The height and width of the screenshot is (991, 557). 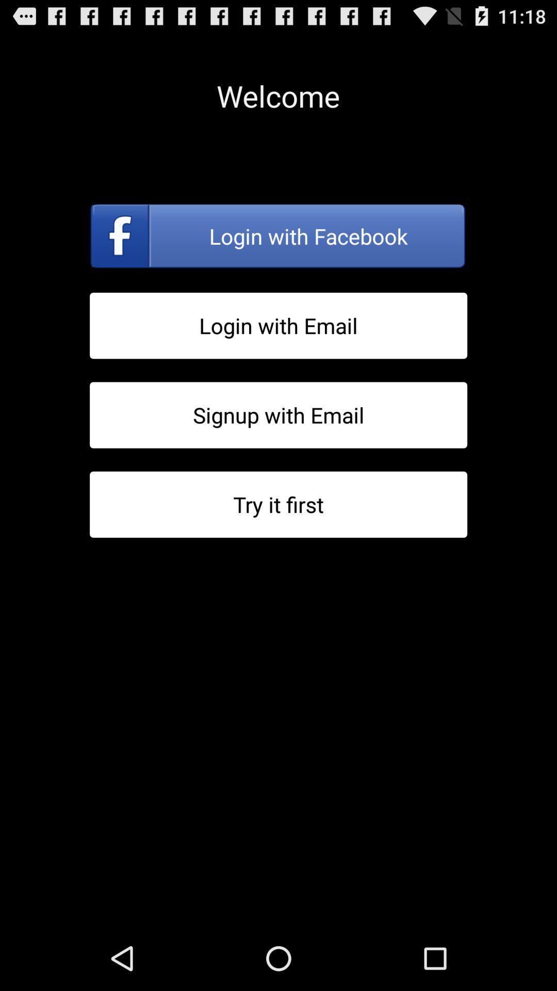 What do you see at coordinates (278, 504) in the screenshot?
I see `try app without creating account` at bounding box center [278, 504].